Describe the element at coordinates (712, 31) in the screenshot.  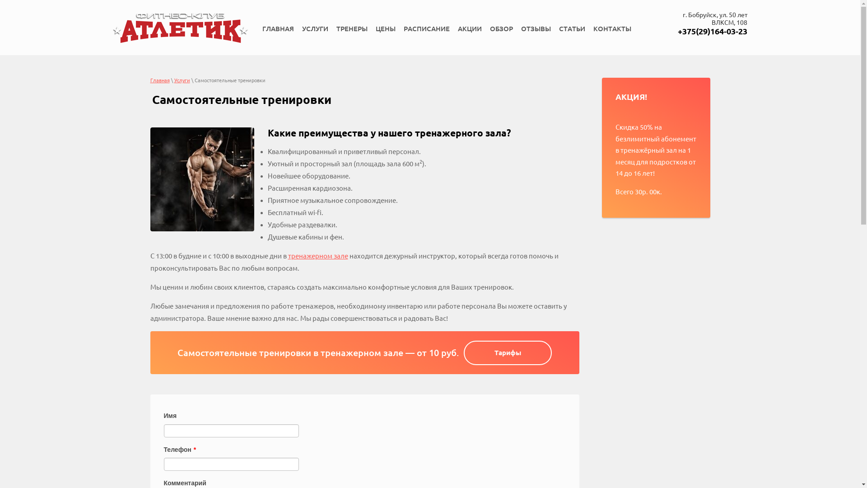
I see `'+375(29)164-03-23'` at that location.